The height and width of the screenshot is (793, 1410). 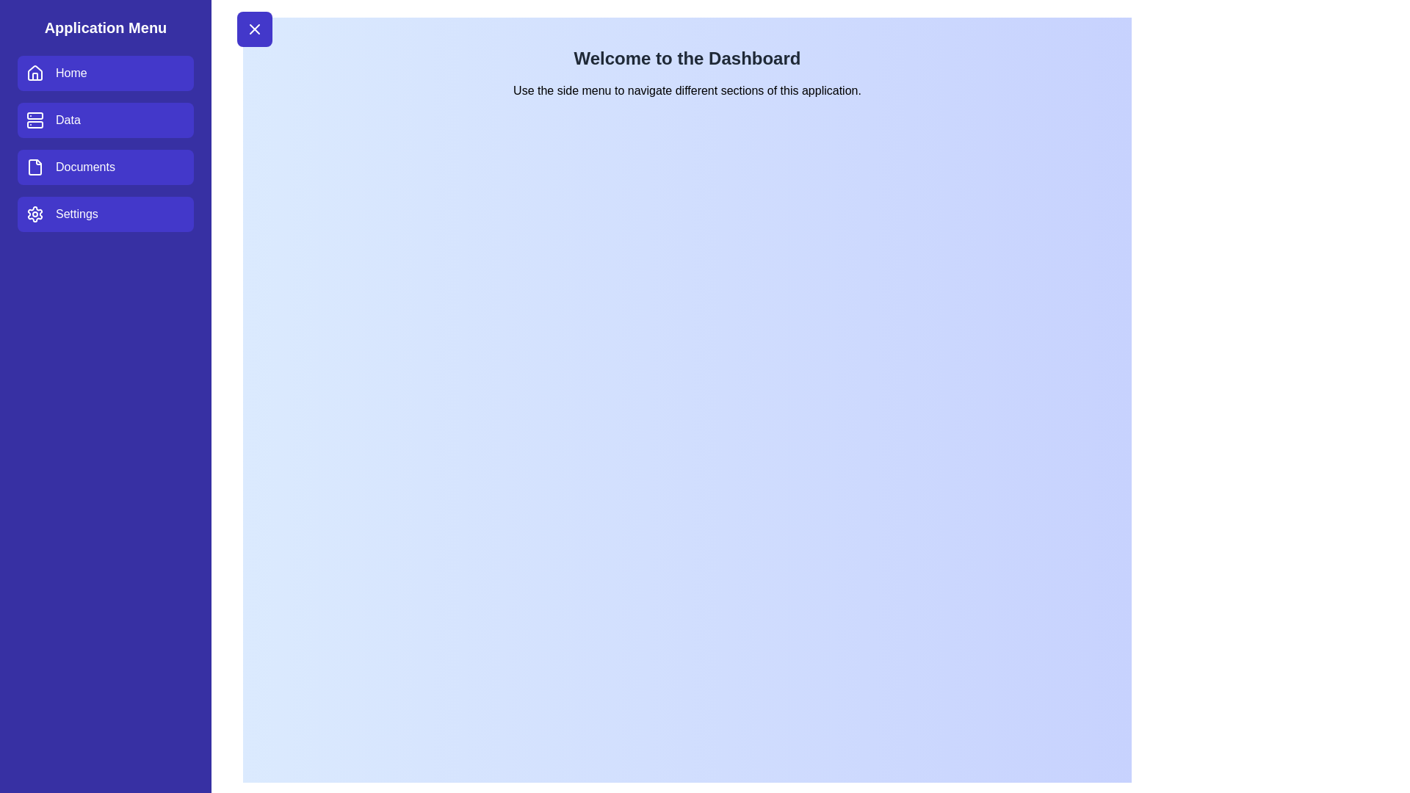 What do you see at coordinates (105, 73) in the screenshot?
I see `the menu item Home` at bounding box center [105, 73].